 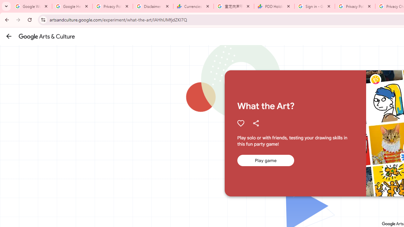 What do you see at coordinates (29, 19) in the screenshot?
I see `'Reload'` at bounding box center [29, 19].